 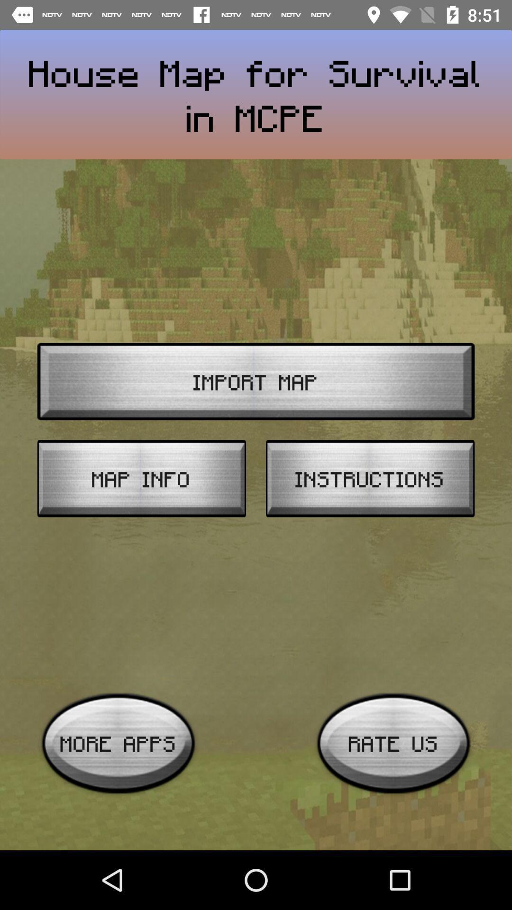 What do you see at coordinates (118, 743) in the screenshot?
I see `more apps` at bounding box center [118, 743].